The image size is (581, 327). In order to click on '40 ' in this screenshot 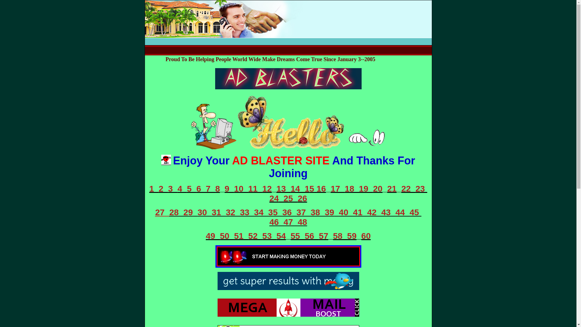, I will do `click(346, 212)`.